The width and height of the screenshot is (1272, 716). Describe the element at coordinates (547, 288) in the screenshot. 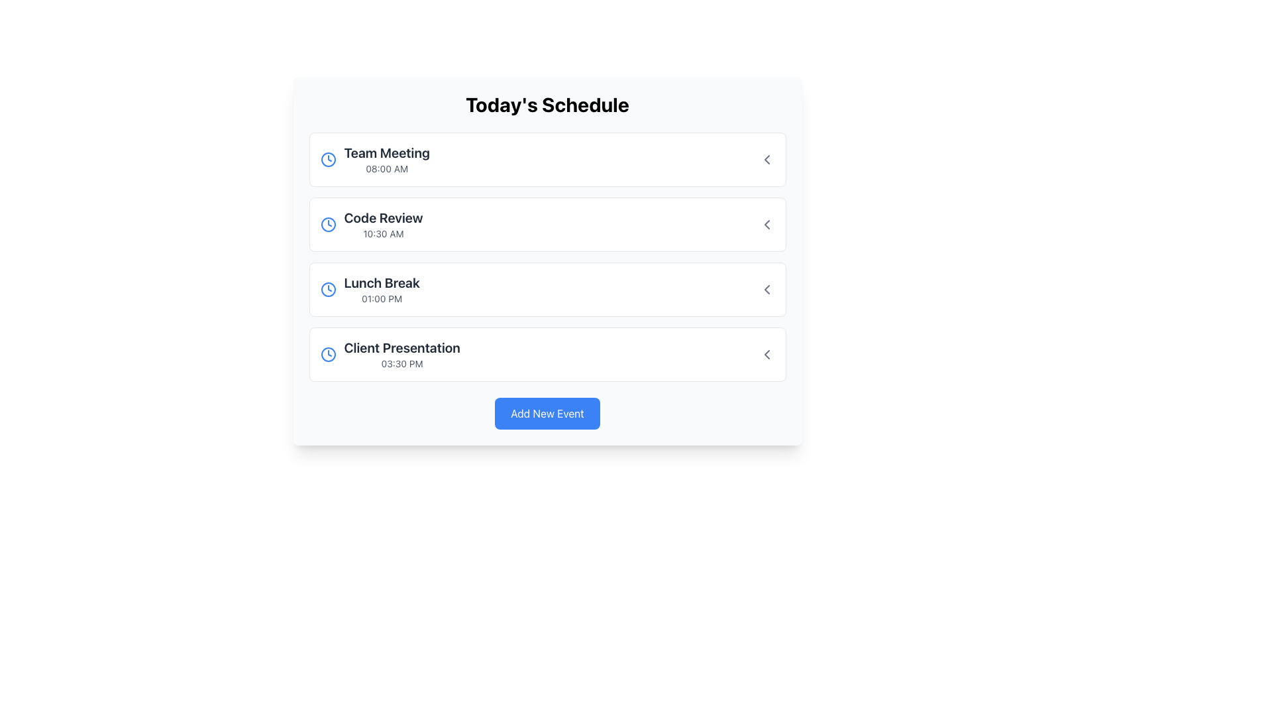

I see `the 'Lunch Break' scheduled event card located in the third position of the event list` at that location.